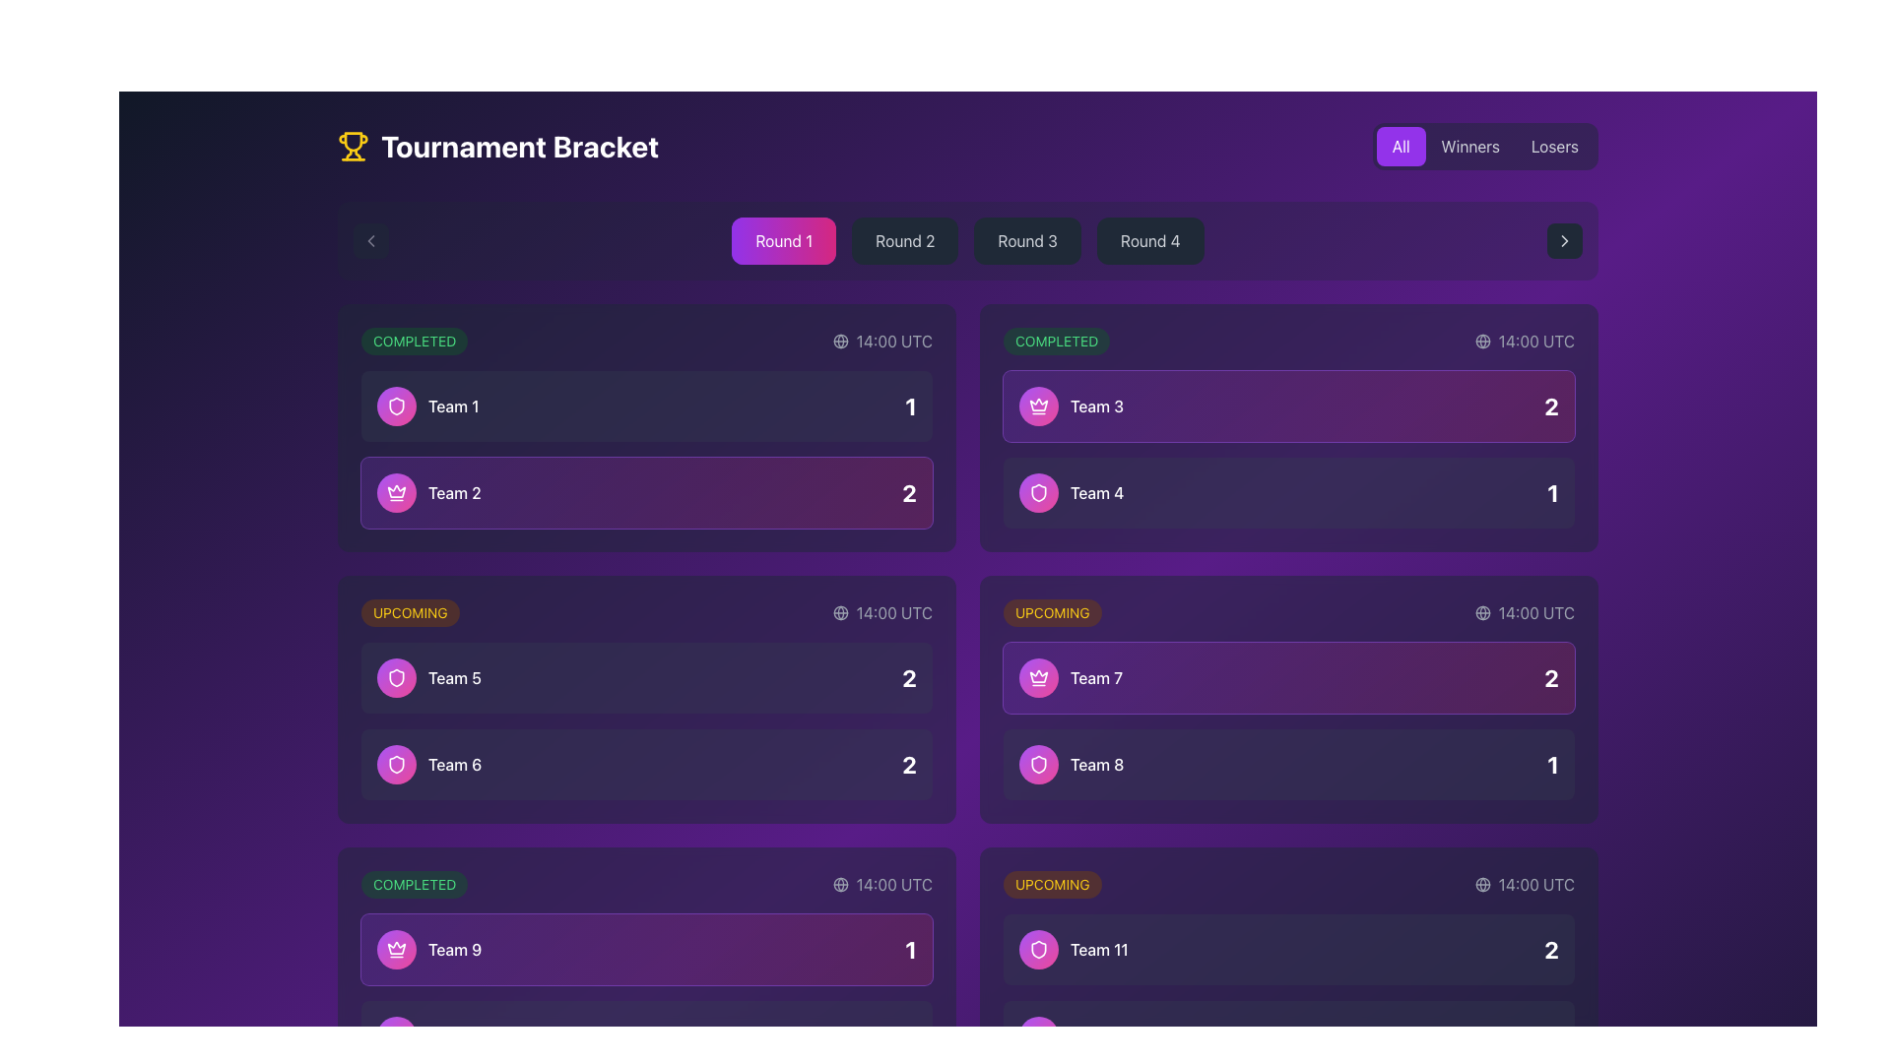 This screenshot has height=1063, width=1891. I want to click on the Text label that displays the team's name in the upper-left corner of the tournament bracket, adjacent to the circular icon with a gradient background, so click(452, 405).